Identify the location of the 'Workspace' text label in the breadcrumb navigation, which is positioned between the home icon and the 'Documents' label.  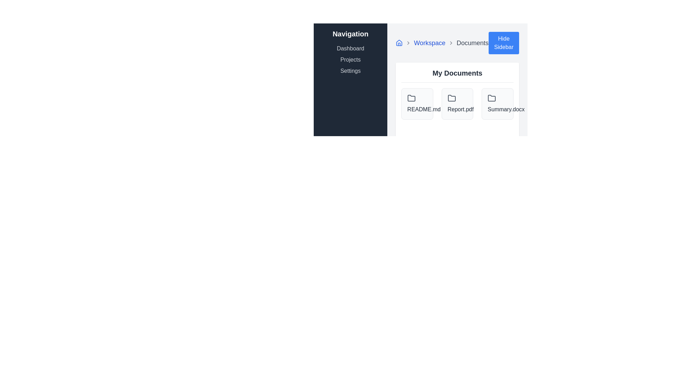
(429, 43).